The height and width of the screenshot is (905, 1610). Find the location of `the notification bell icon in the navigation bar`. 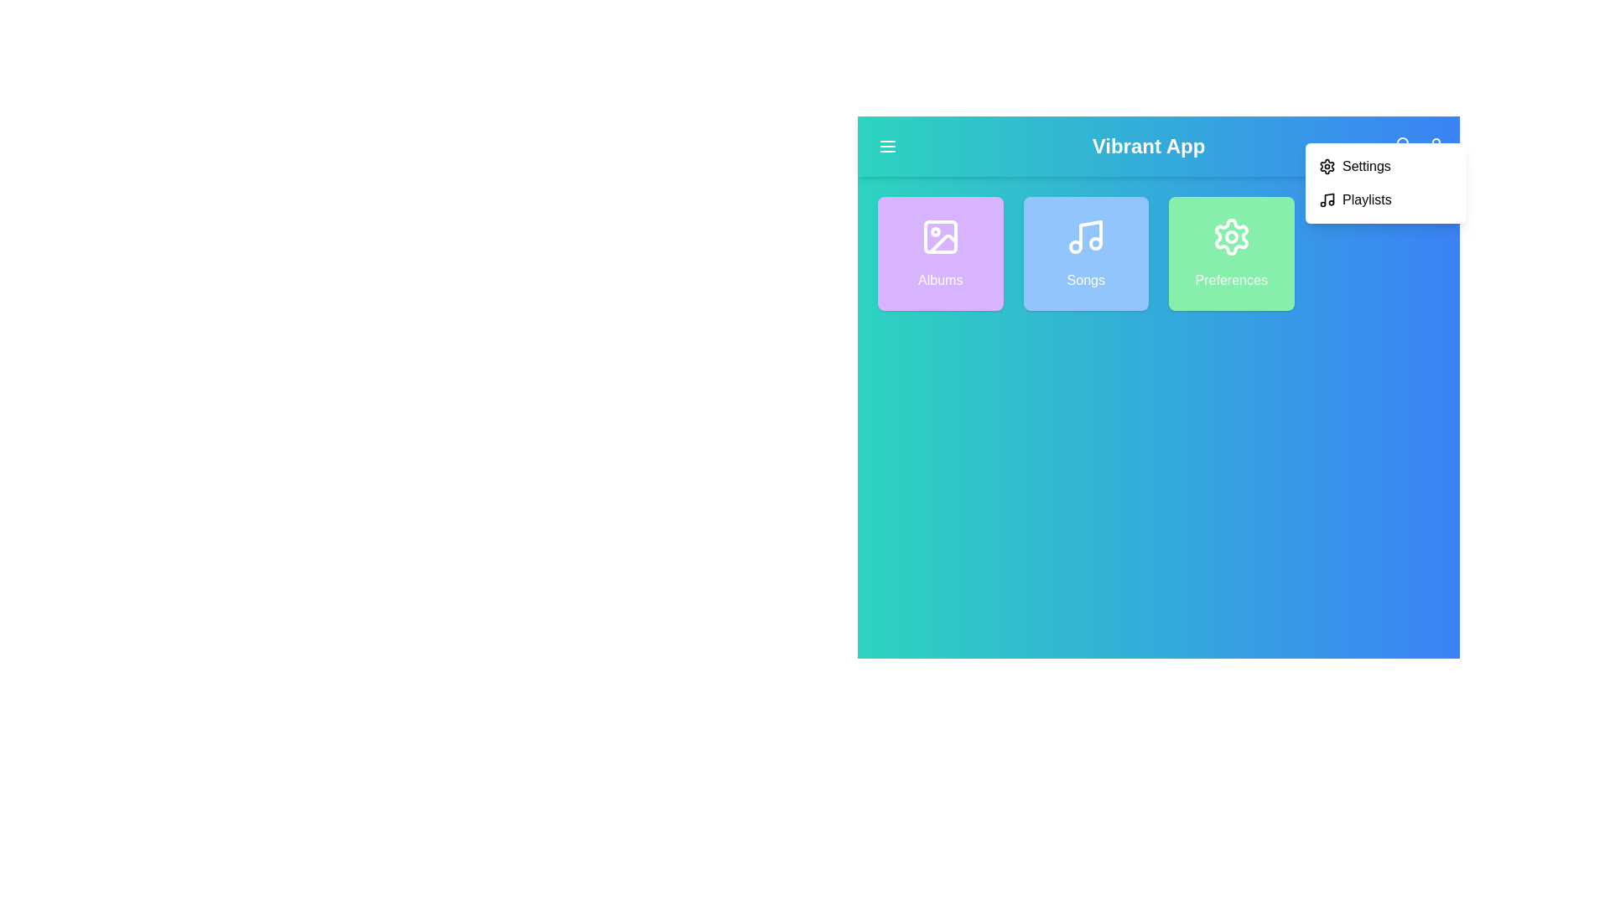

the notification bell icon in the navigation bar is located at coordinates (1402, 145).